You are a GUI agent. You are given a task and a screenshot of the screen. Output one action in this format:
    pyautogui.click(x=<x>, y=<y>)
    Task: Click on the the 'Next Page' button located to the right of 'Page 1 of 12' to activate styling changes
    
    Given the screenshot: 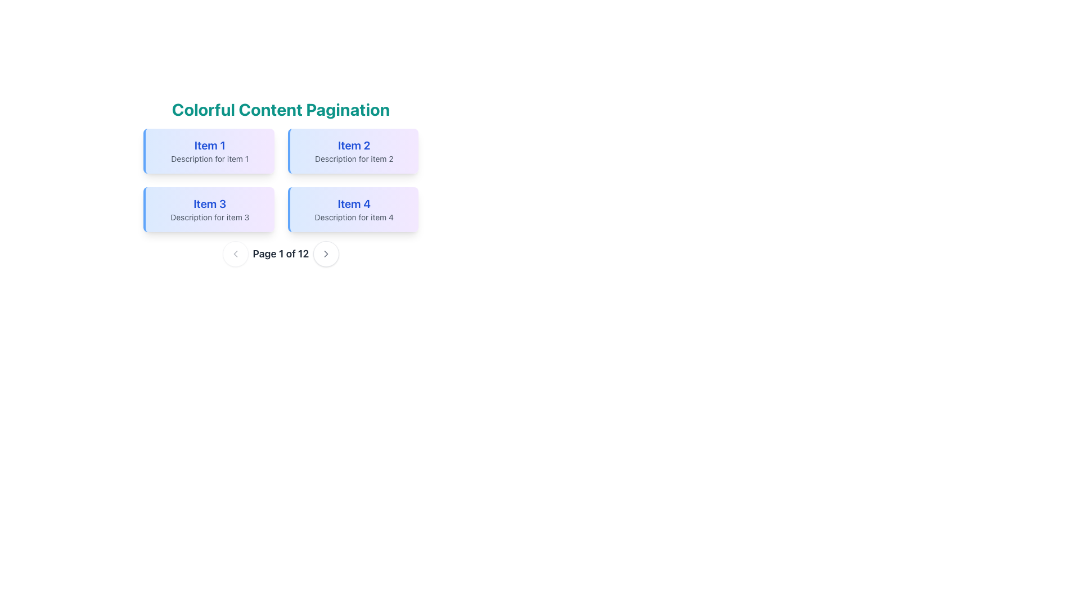 What is the action you would take?
    pyautogui.click(x=326, y=253)
    